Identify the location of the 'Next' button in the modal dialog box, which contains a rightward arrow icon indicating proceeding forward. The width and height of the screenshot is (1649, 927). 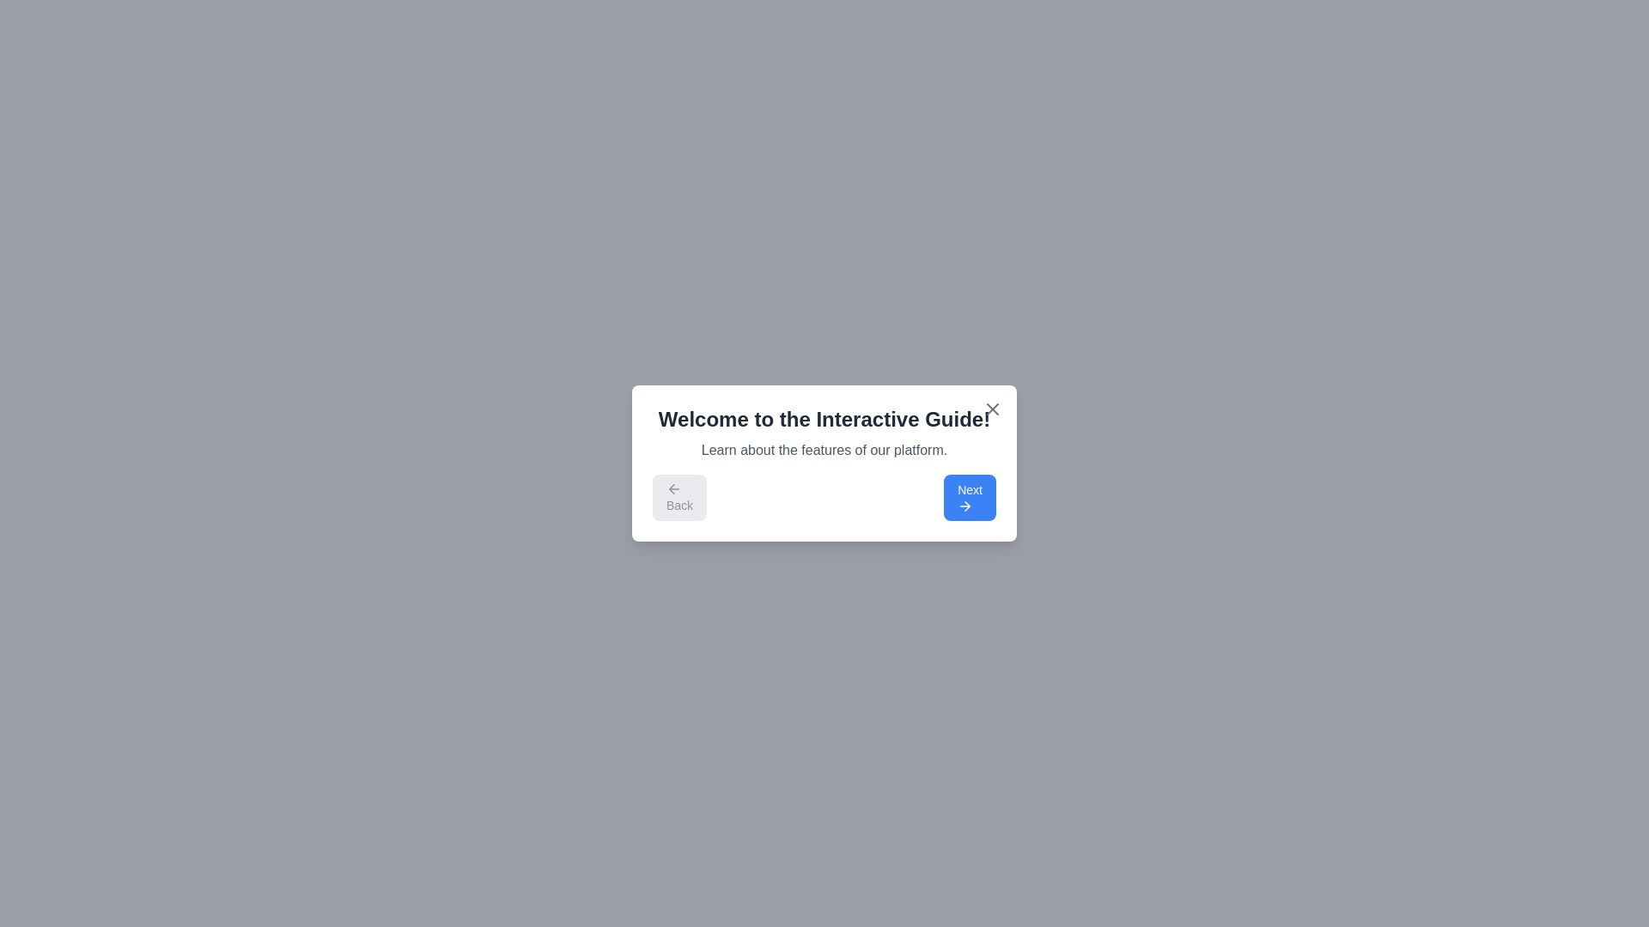
(967, 506).